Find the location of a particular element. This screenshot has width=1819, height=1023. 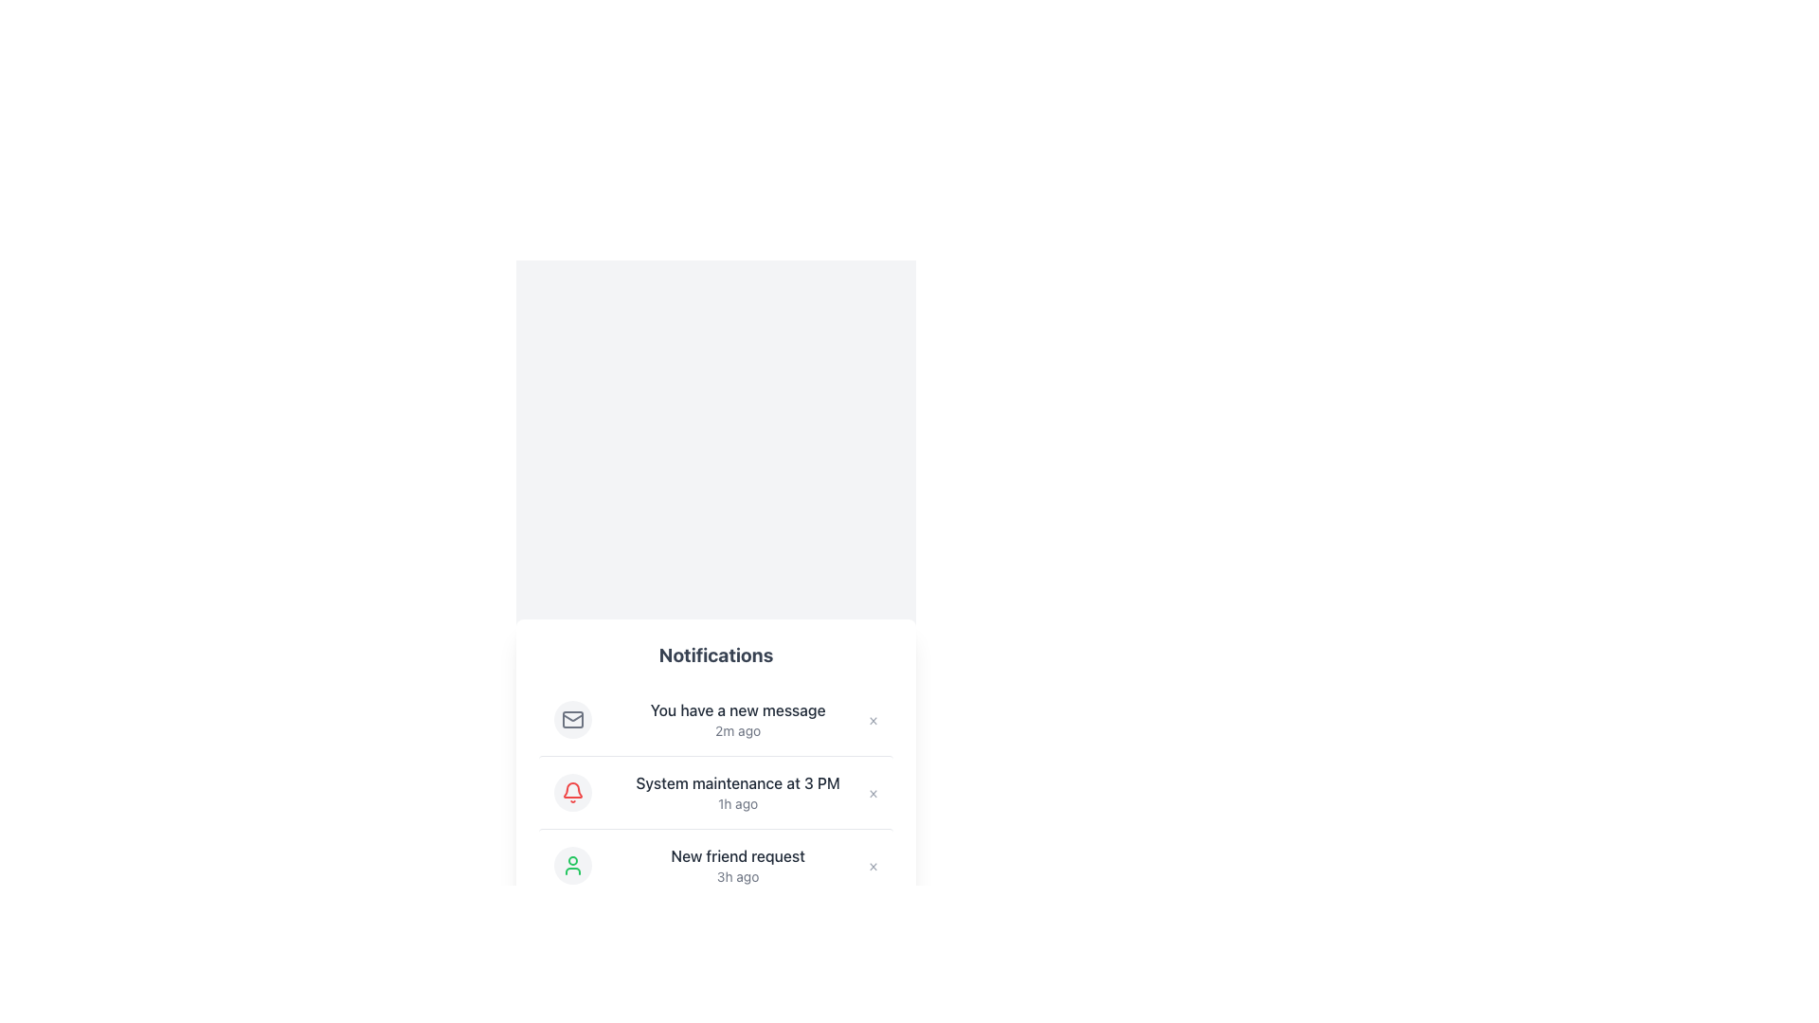

the red circular bell icon, which is the second notification item in the list titled 'System maintenance at 3 PM' is located at coordinates (571, 793).